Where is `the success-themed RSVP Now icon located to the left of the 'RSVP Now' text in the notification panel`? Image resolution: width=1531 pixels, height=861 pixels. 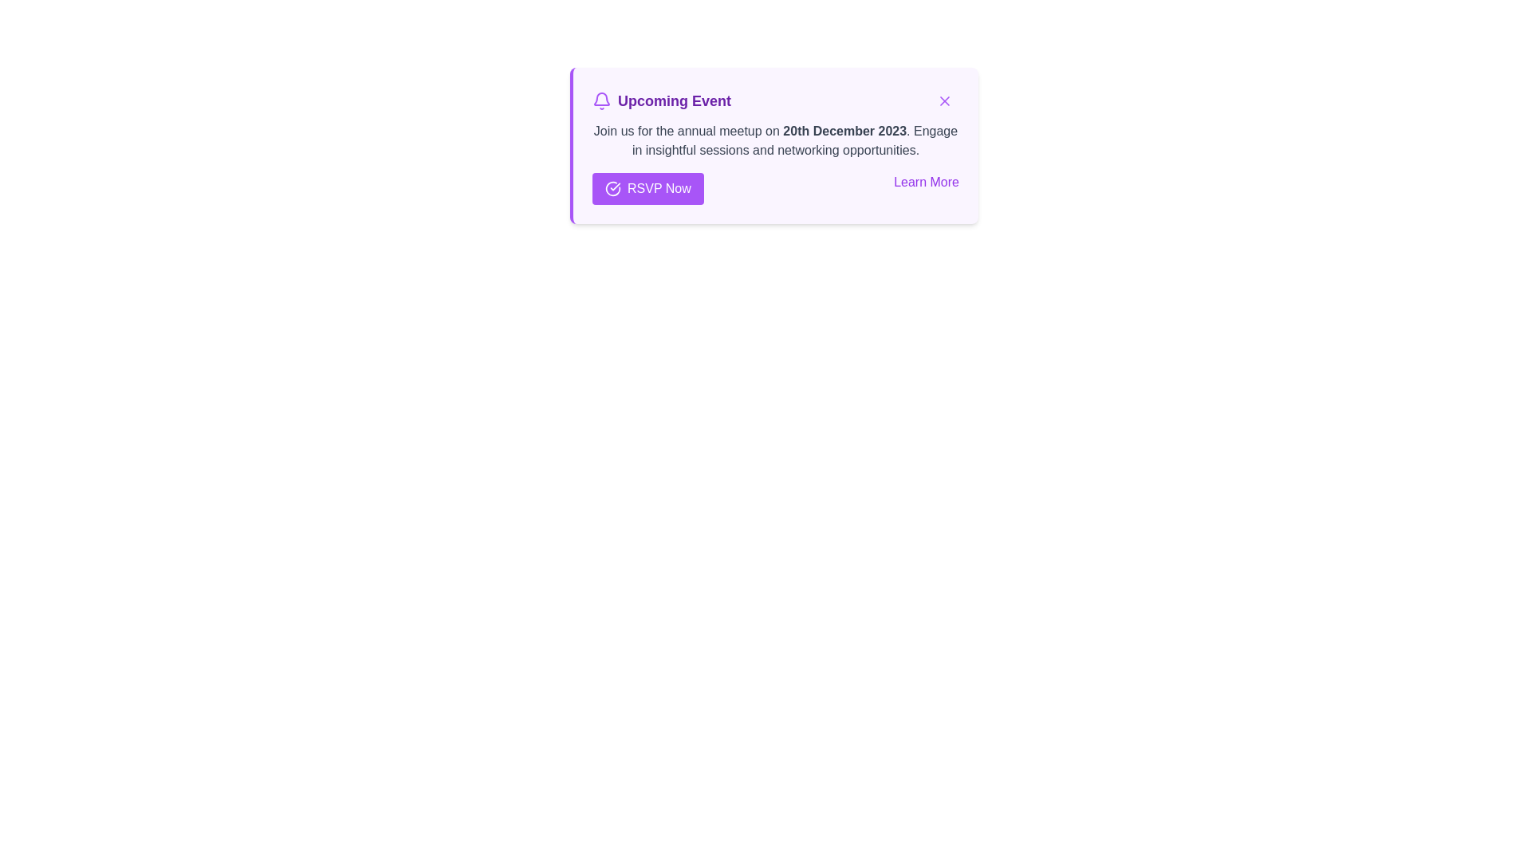 the success-themed RSVP Now icon located to the left of the 'RSVP Now' text in the notification panel is located at coordinates (612, 187).